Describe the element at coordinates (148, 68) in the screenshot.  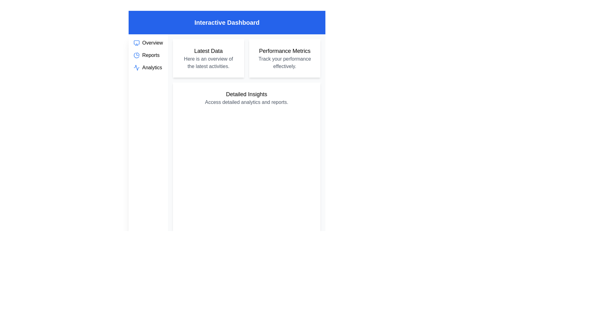
I see `the 'Analytics' navigation link, which features a blue activity graph icon and is the third item in the left navigation panel below 'Overview' and 'Reports'` at that location.